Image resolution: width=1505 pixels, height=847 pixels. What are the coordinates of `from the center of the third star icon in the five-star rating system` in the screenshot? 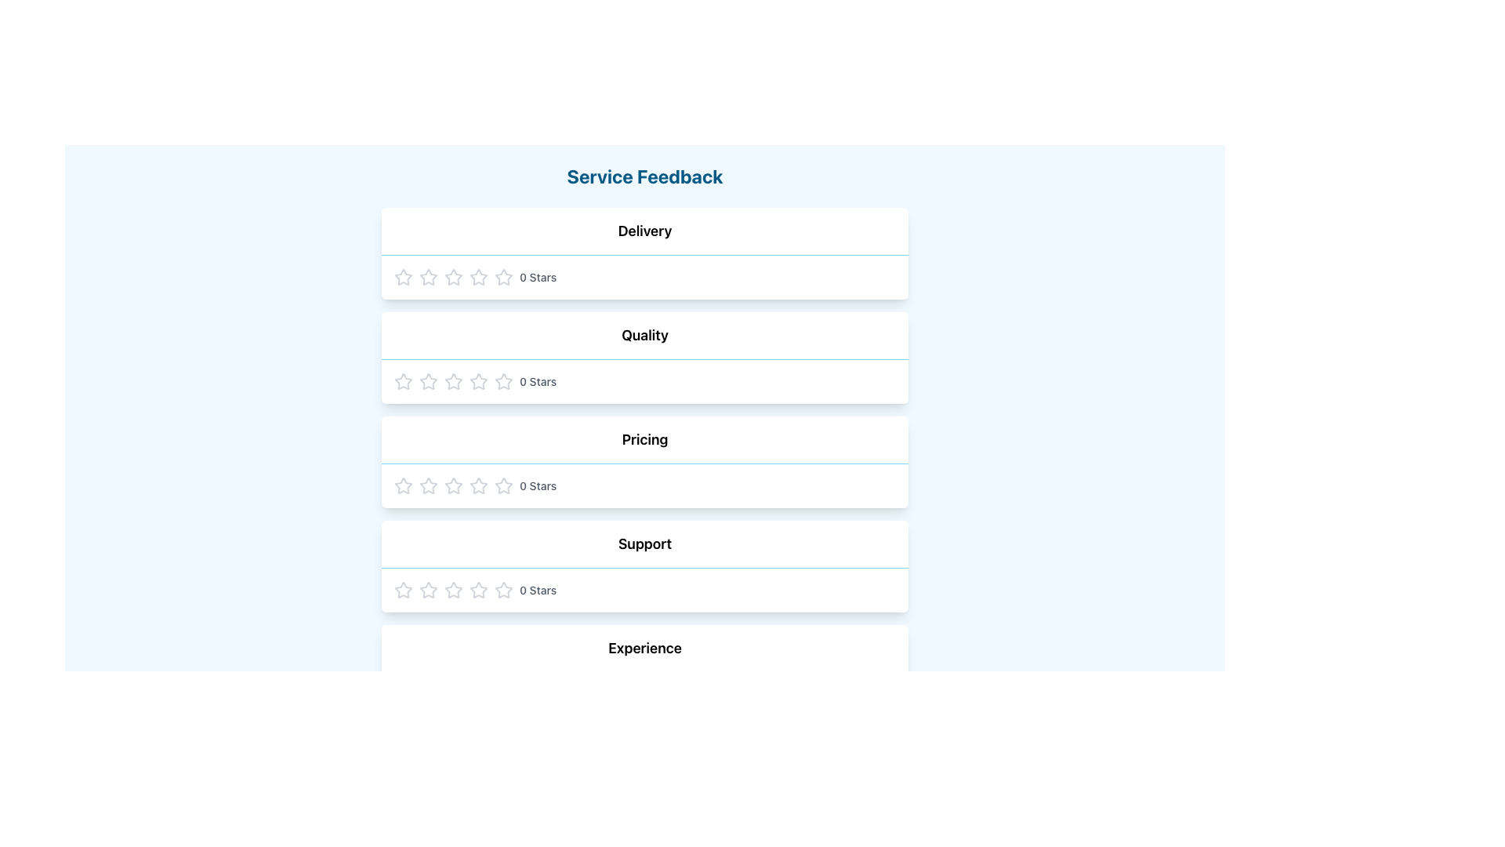 It's located at (477, 485).